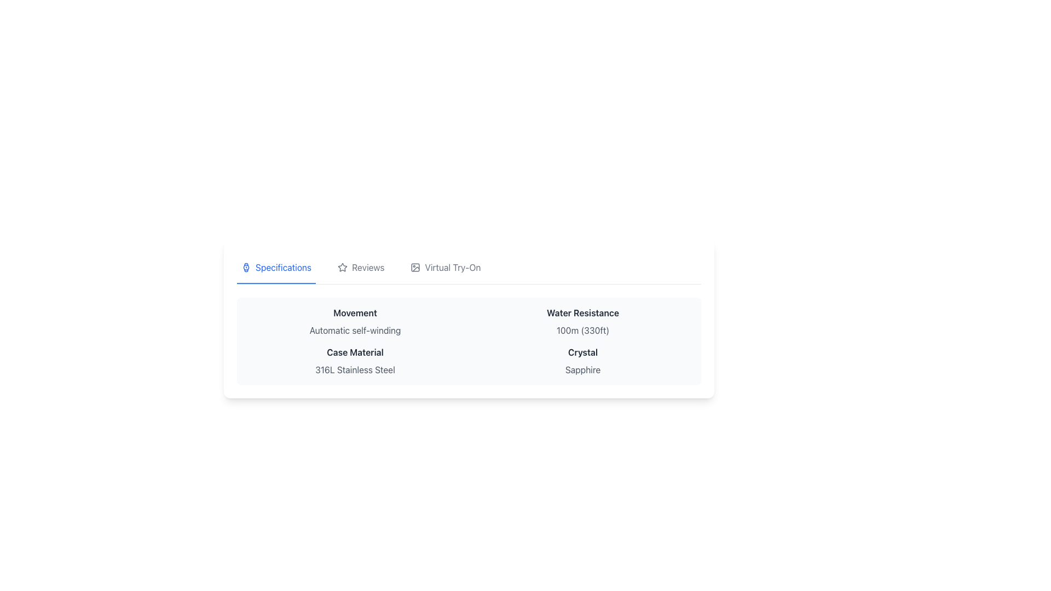 The width and height of the screenshot is (1051, 591). Describe the element at coordinates (446, 268) in the screenshot. I see `the virtual try-on button, which is the third item in the menu options row, located at the top-center of the content area` at that location.